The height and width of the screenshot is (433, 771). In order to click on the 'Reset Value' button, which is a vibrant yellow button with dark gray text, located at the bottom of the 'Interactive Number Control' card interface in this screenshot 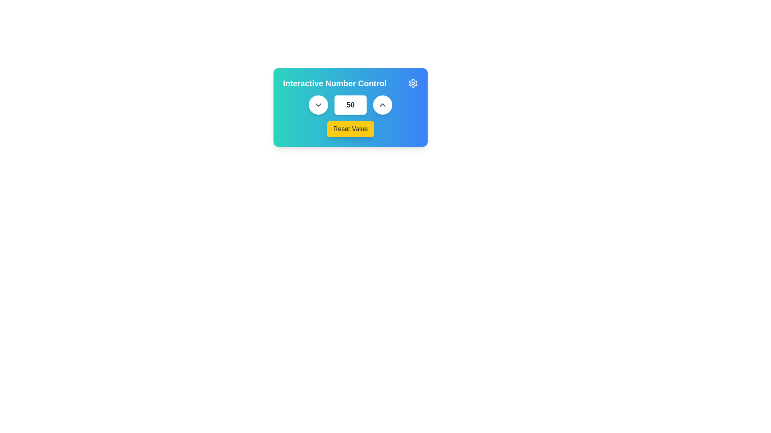, I will do `click(351, 128)`.